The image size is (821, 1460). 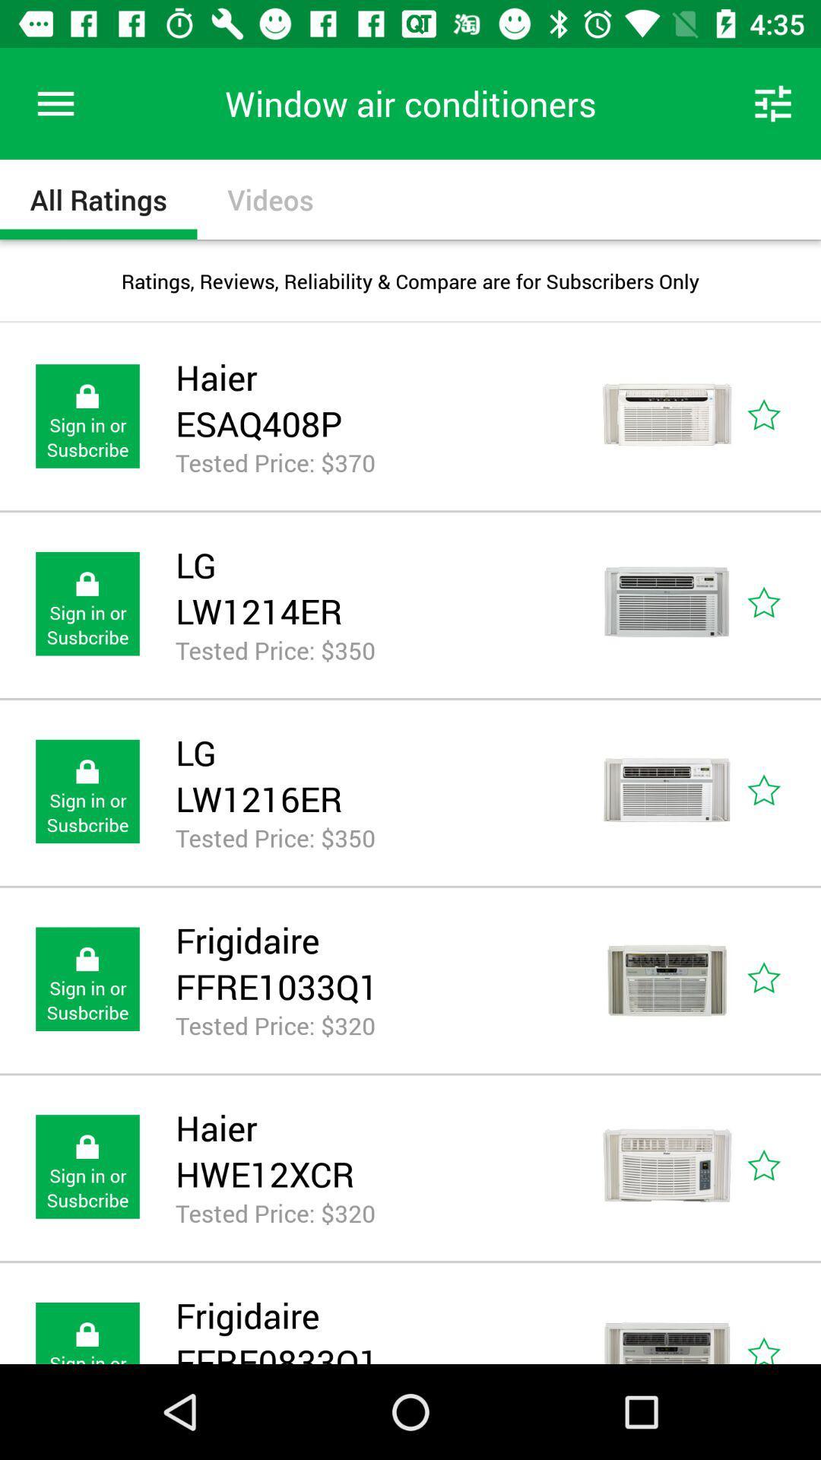 I want to click on to favorites, so click(x=781, y=1322).